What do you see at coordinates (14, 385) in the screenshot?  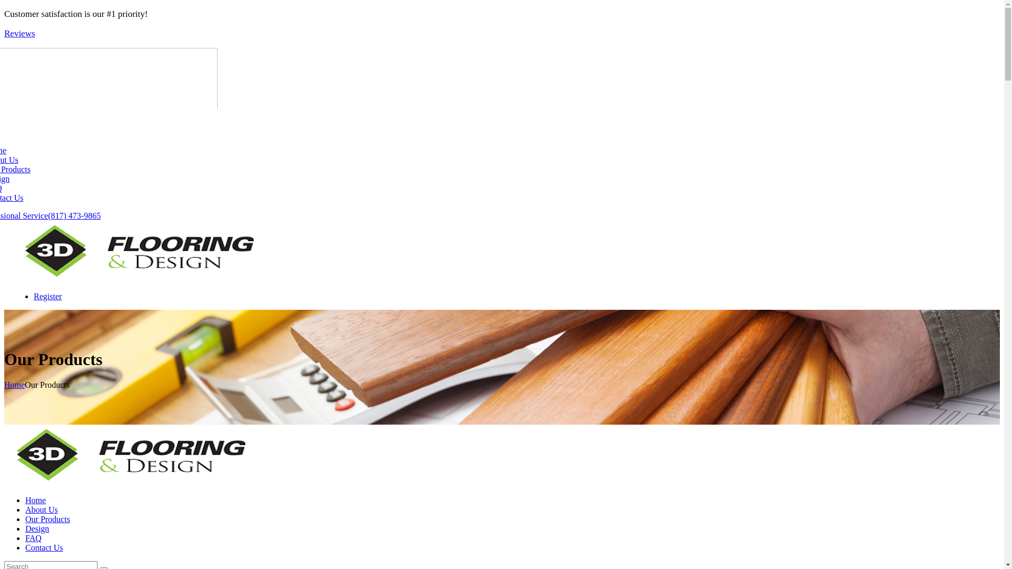 I see `'Home'` at bounding box center [14, 385].